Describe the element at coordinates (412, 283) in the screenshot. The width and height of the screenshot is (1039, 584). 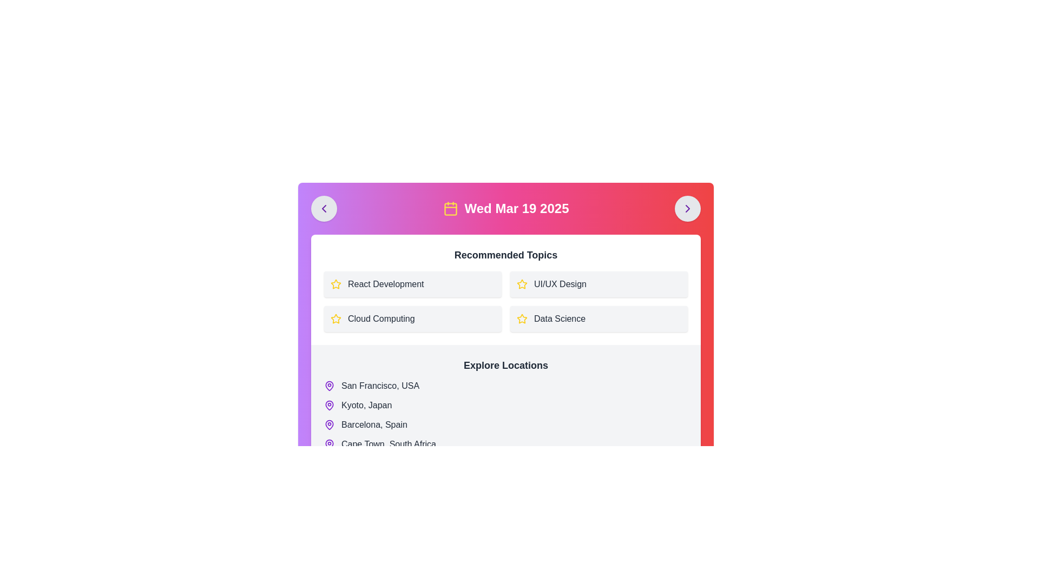
I see `the 'React Development' button located in the top-left quadrant of the 'Recommended Topics' section, which features a yellow star icon and dark gray text` at that location.